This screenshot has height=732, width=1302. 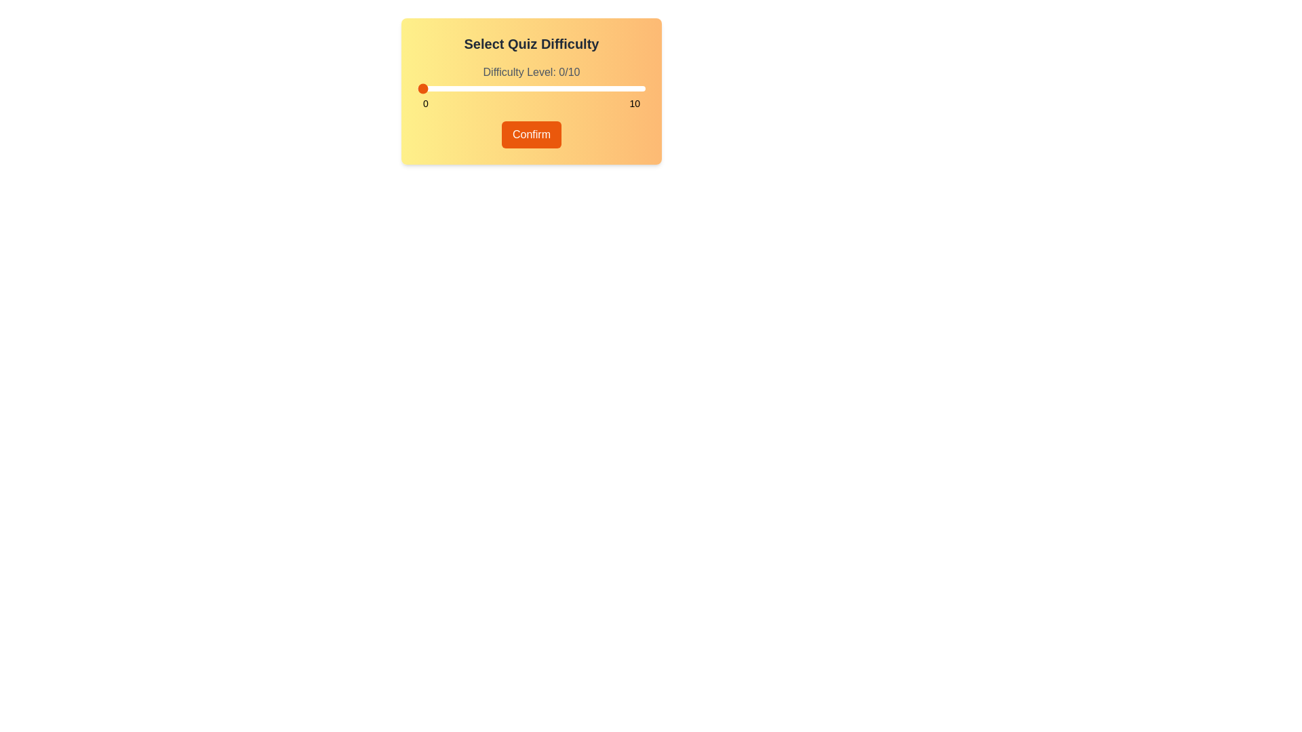 What do you see at coordinates (416, 89) in the screenshot?
I see `the difficulty level to 0 using the slider` at bounding box center [416, 89].